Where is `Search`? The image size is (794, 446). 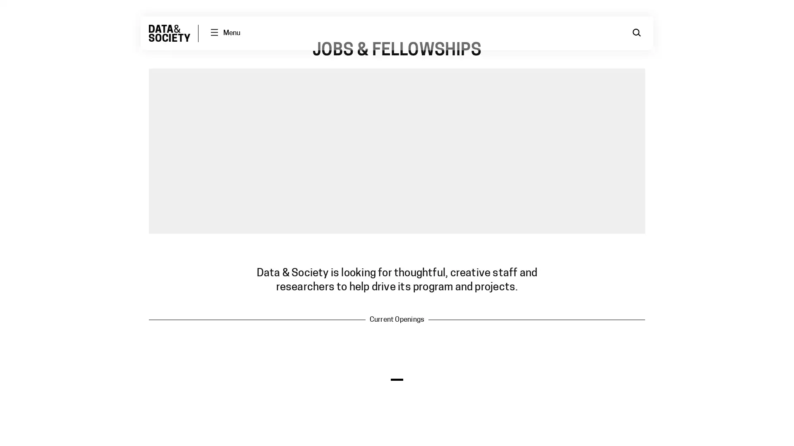 Search is located at coordinates (636, 33).